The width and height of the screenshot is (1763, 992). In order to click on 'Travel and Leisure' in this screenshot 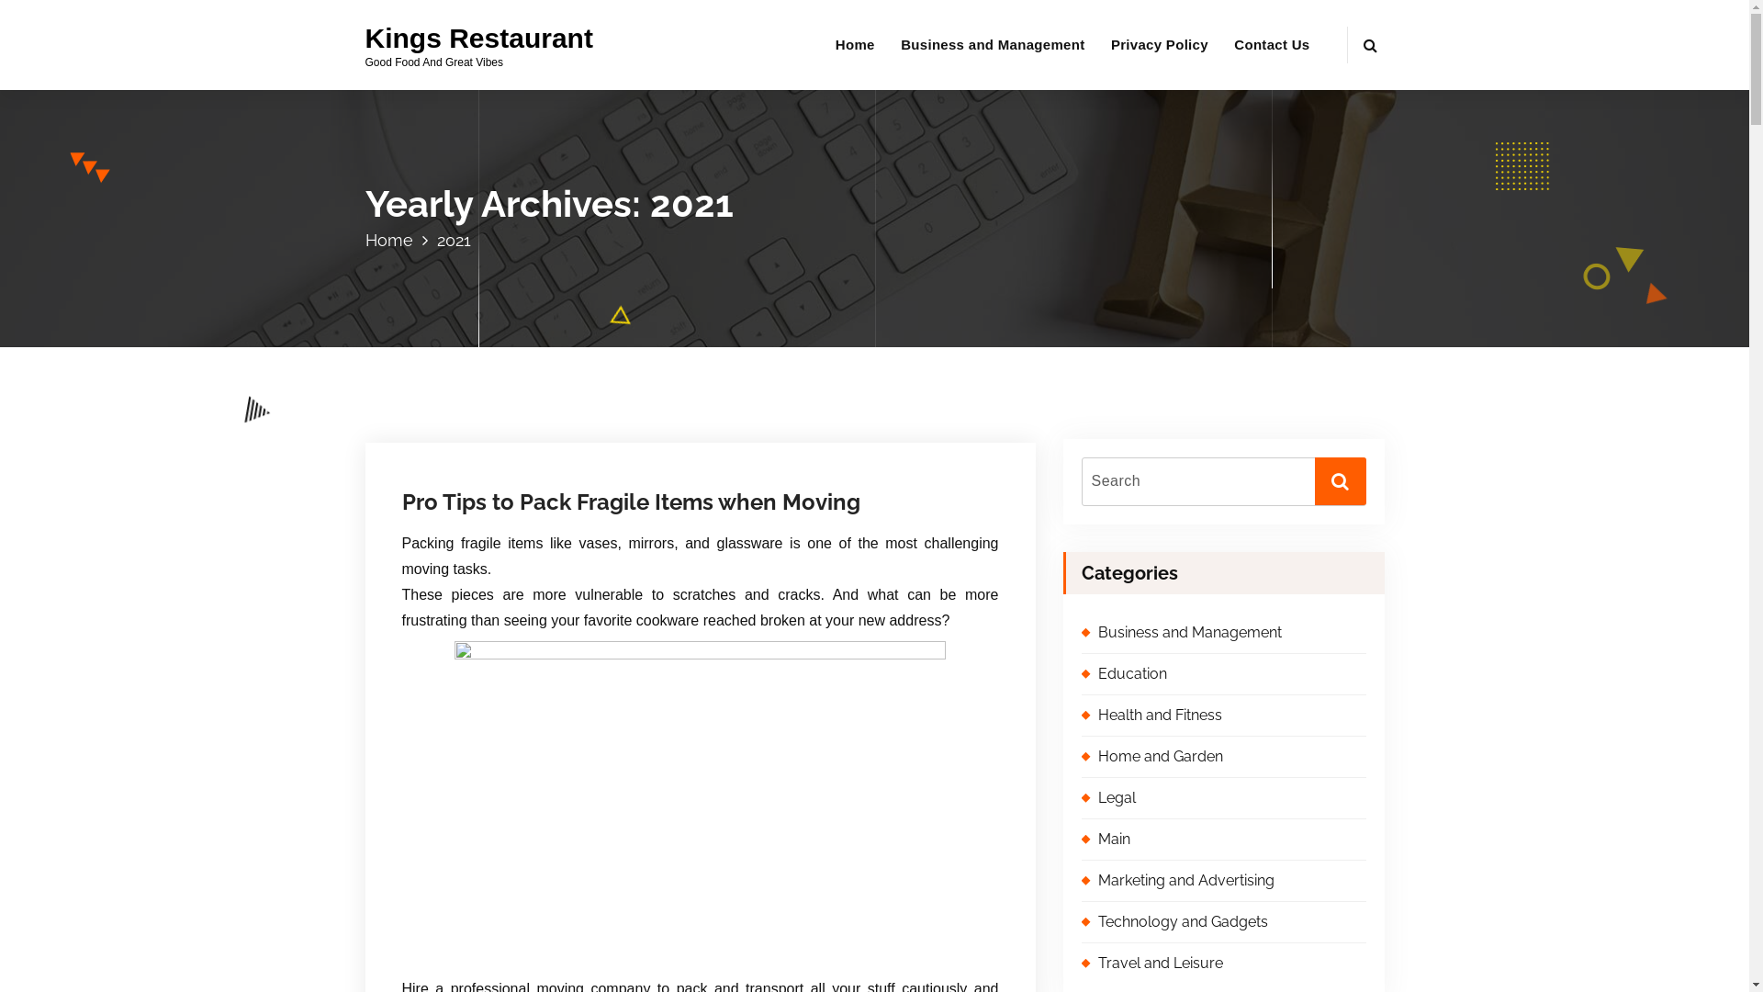, I will do `click(1224, 963)`.